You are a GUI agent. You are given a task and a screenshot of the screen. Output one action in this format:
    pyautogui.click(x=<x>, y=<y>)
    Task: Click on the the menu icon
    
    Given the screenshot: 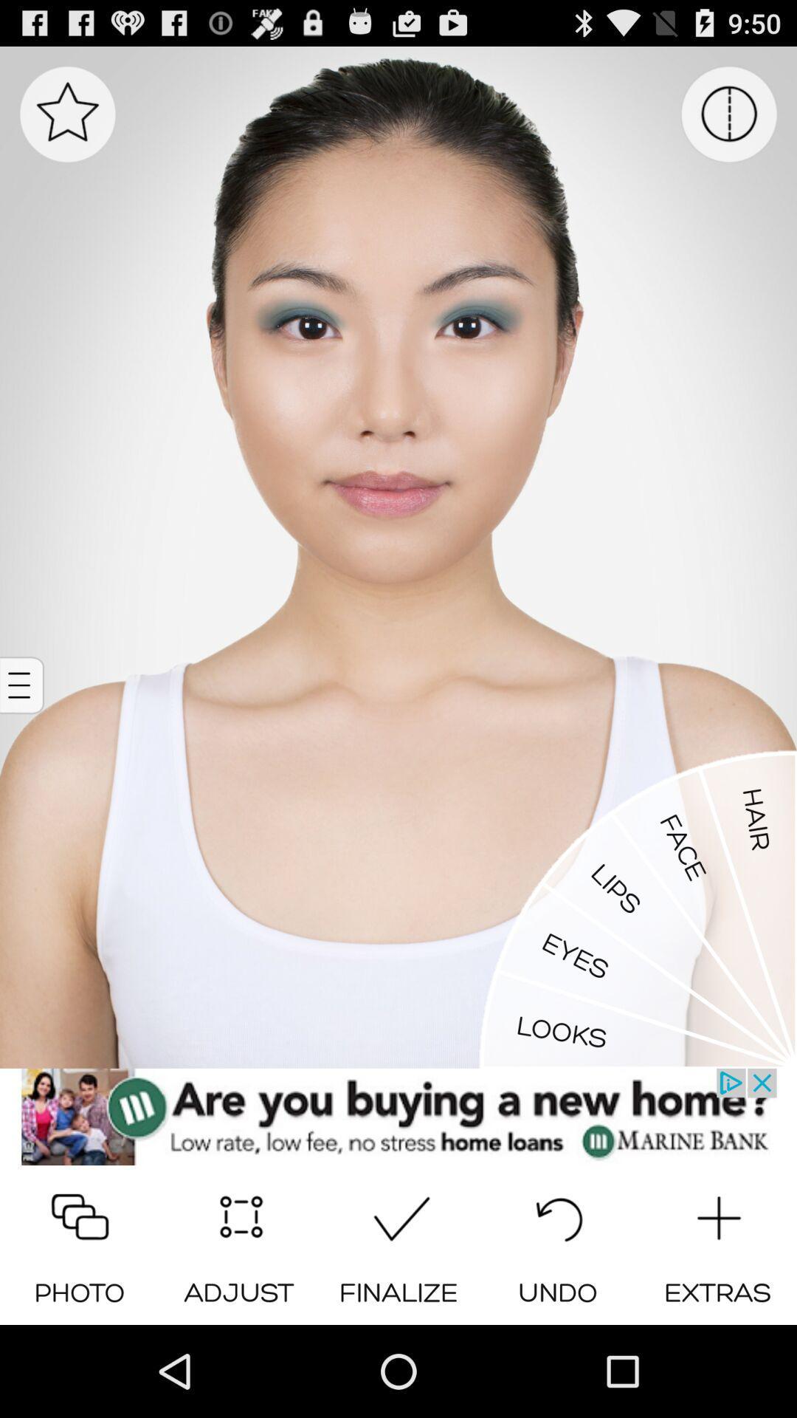 What is the action you would take?
    pyautogui.click(x=24, y=733)
    